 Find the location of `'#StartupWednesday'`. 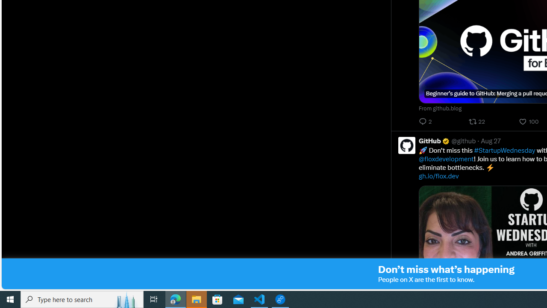

'#StartupWednesday' is located at coordinates (504, 150).